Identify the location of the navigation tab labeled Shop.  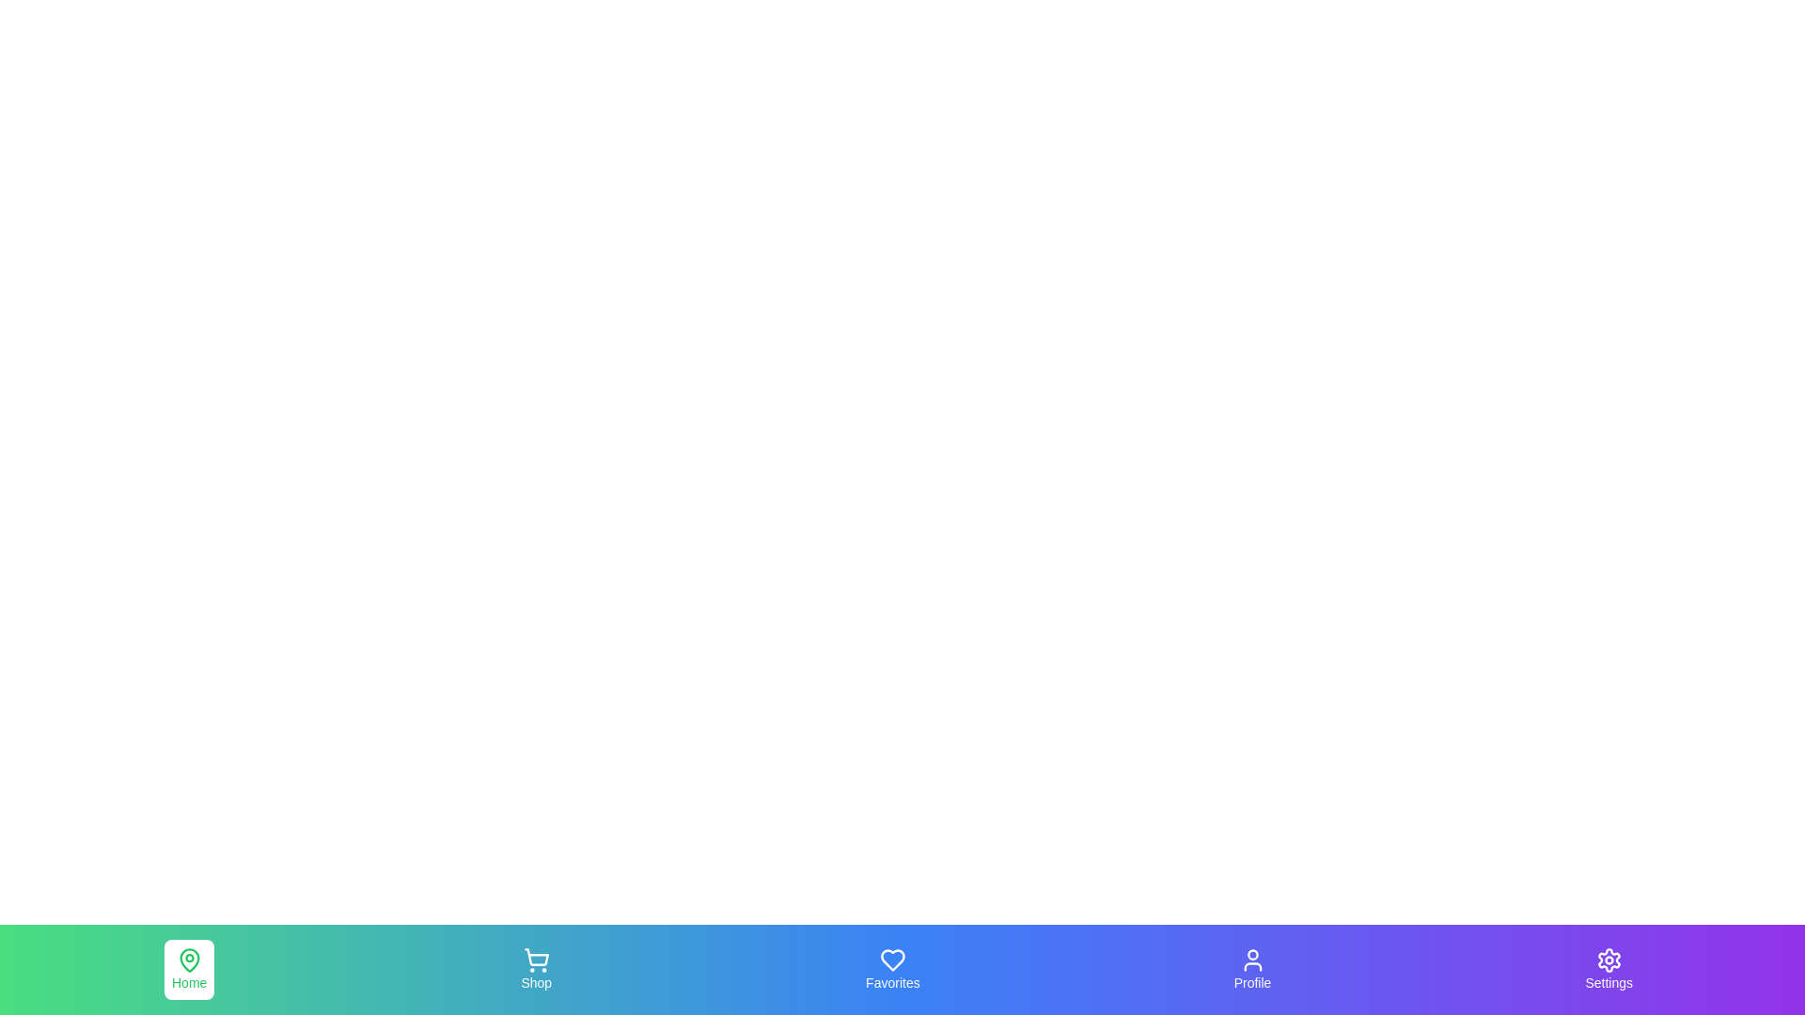
(535, 970).